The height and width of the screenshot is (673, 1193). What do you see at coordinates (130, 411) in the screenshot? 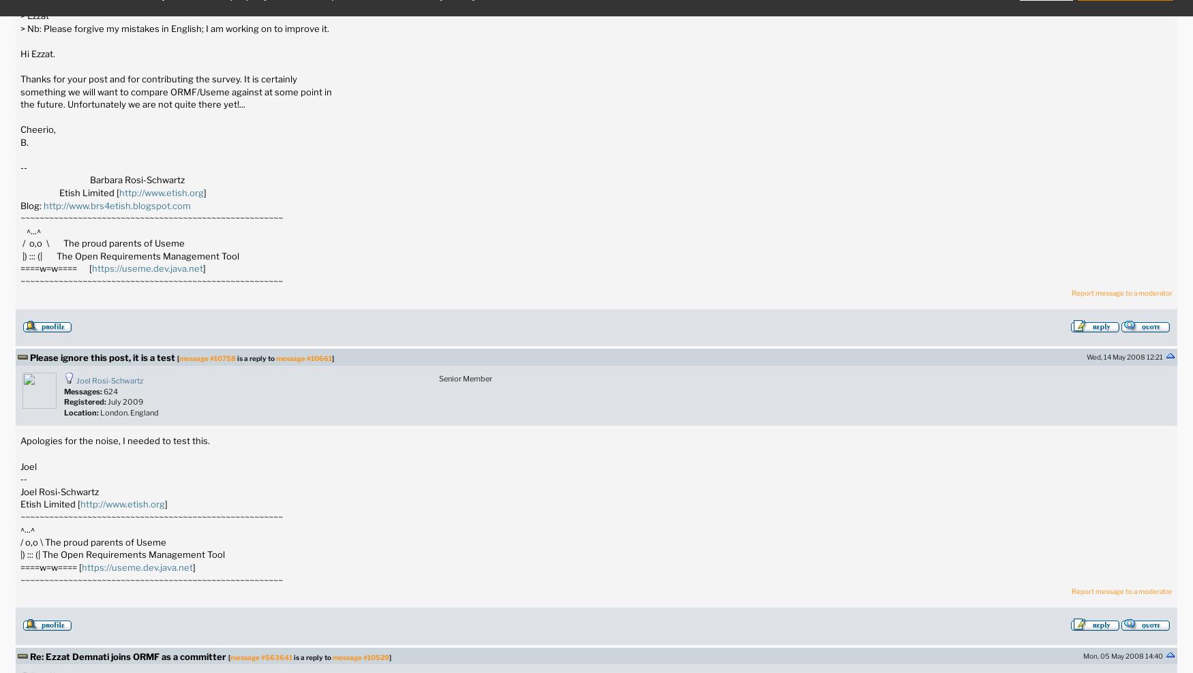
I see `'London. England'` at bounding box center [130, 411].